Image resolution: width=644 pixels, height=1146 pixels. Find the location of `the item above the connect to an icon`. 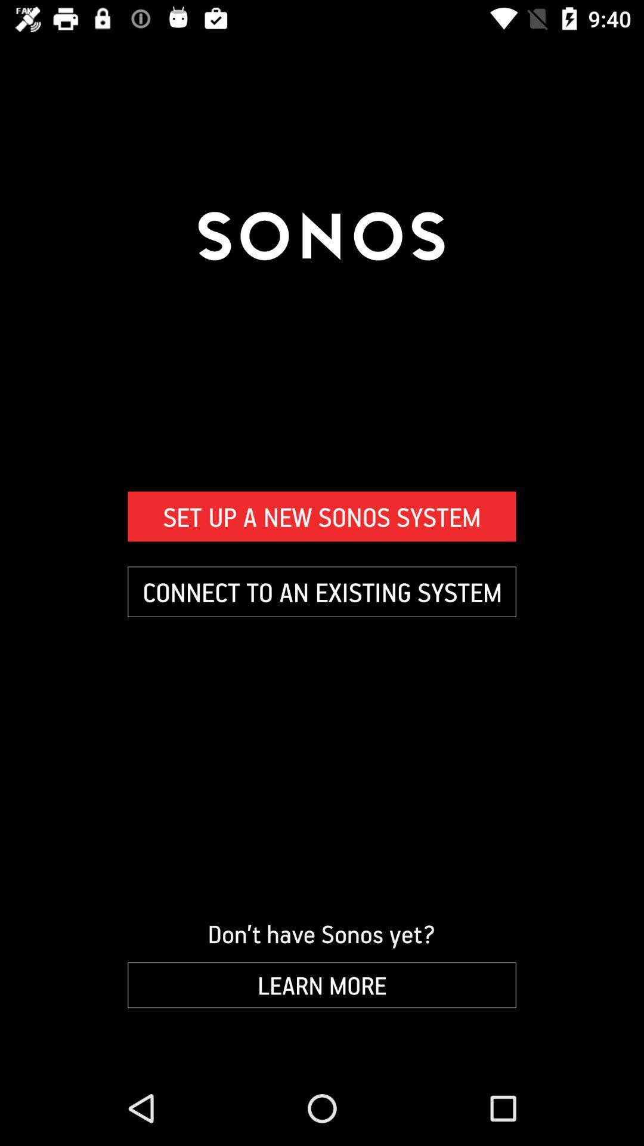

the item above the connect to an icon is located at coordinates (322, 516).